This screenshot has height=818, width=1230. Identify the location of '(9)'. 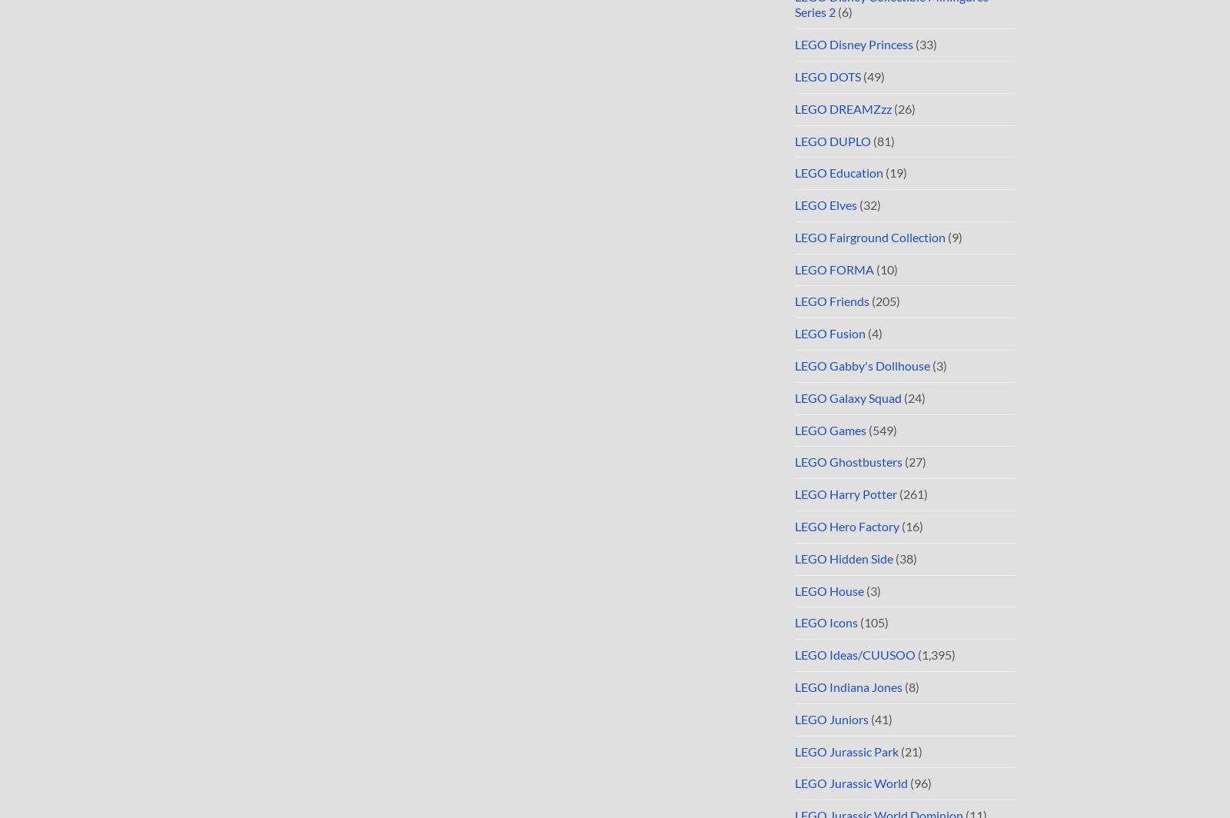
(952, 236).